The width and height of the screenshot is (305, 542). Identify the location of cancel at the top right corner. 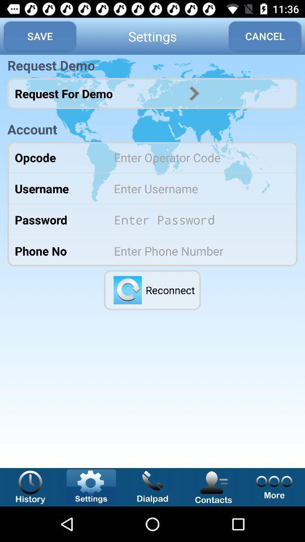
(265, 36).